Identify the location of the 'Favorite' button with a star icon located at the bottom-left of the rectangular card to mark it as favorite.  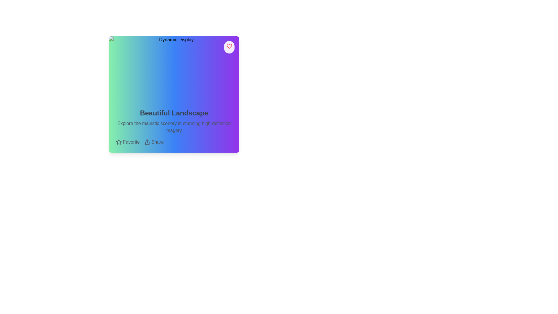
(127, 142).